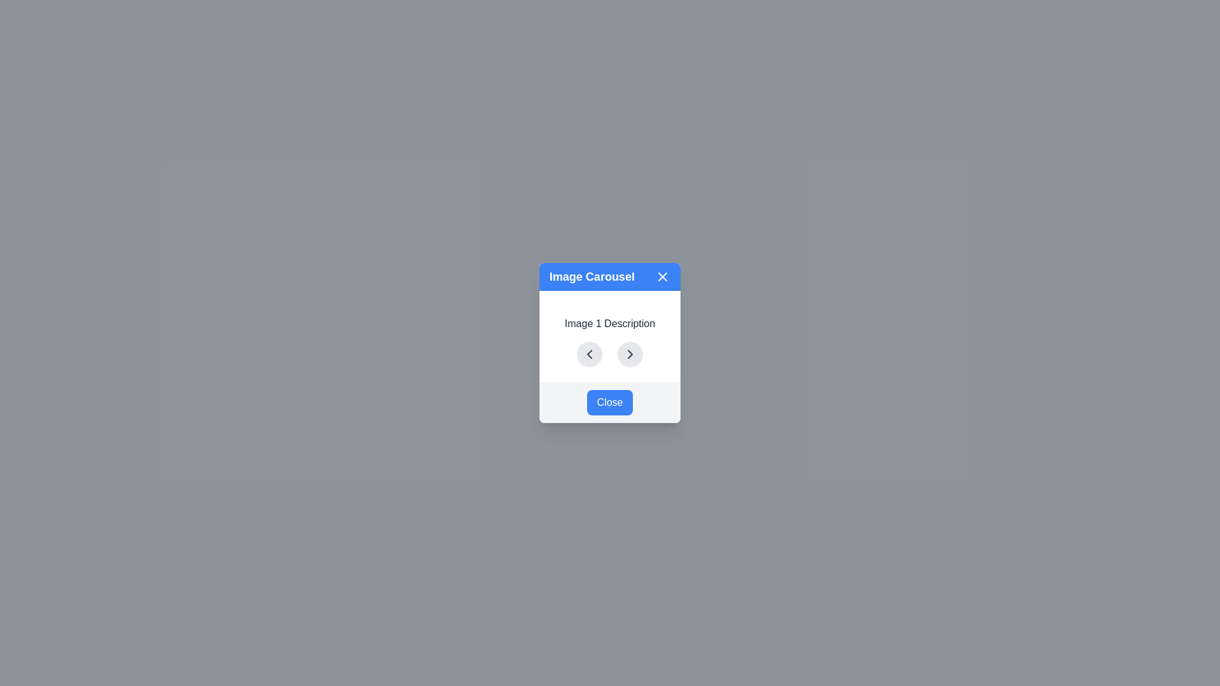 Image resolution: width=1220 pixels, height=686 pixels. I want to click on the buttons in the modal dialog box for the image carousel, so click(610, 343).